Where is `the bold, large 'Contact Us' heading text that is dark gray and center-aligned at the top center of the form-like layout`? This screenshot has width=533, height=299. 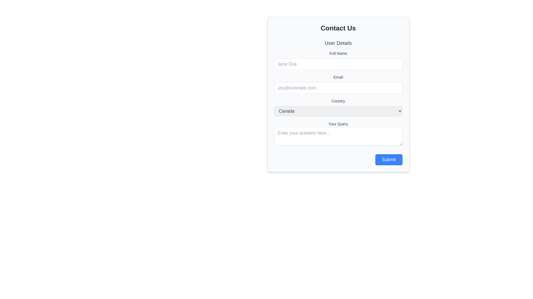 the bold, large 'Contact Us' heading text that is dark gray and center-aligned at the top center of the form-like layout is located at coordinates (338, 28).